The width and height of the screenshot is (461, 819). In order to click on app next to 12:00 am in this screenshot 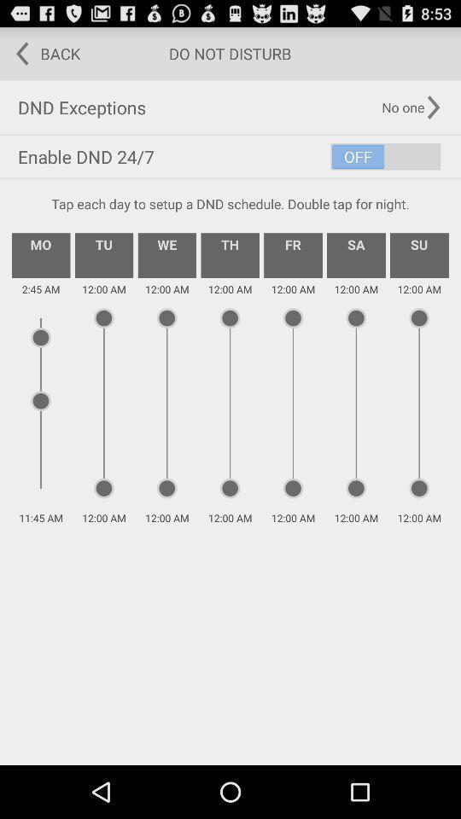, I will do `click(41, 254)`.